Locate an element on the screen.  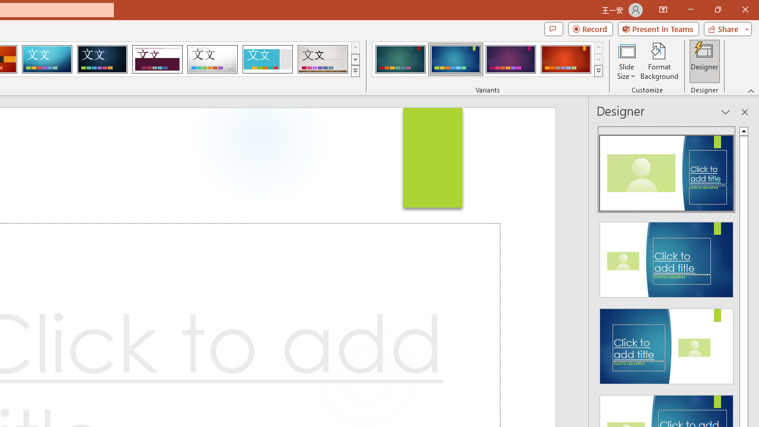
'Recommended Design: Design Idea' is located at coordinates (666, 170).